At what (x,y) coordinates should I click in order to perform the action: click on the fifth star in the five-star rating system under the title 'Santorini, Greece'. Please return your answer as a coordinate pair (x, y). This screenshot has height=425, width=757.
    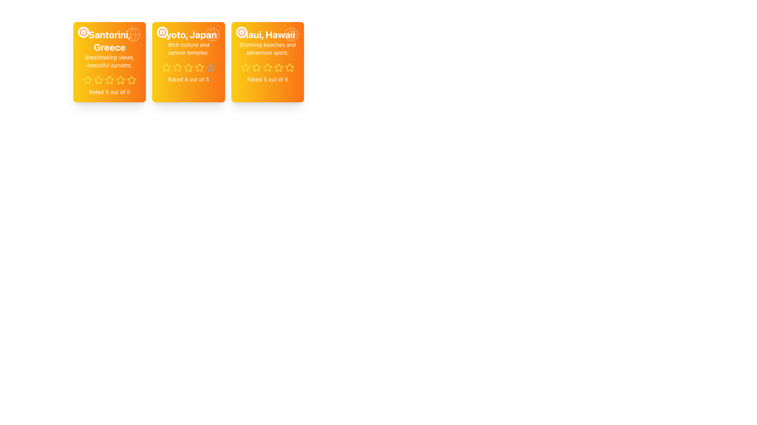
    Looking at the image, I should click on (132, 80).